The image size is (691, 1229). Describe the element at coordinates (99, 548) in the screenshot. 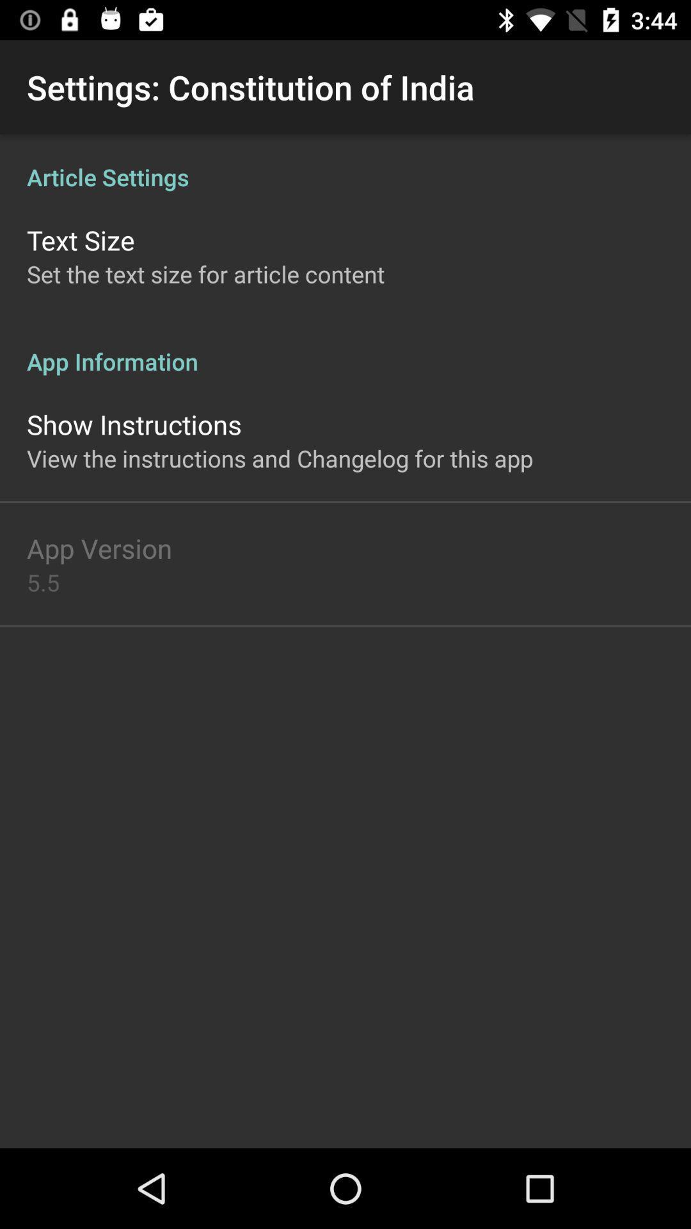

I see `the app version` at that location.